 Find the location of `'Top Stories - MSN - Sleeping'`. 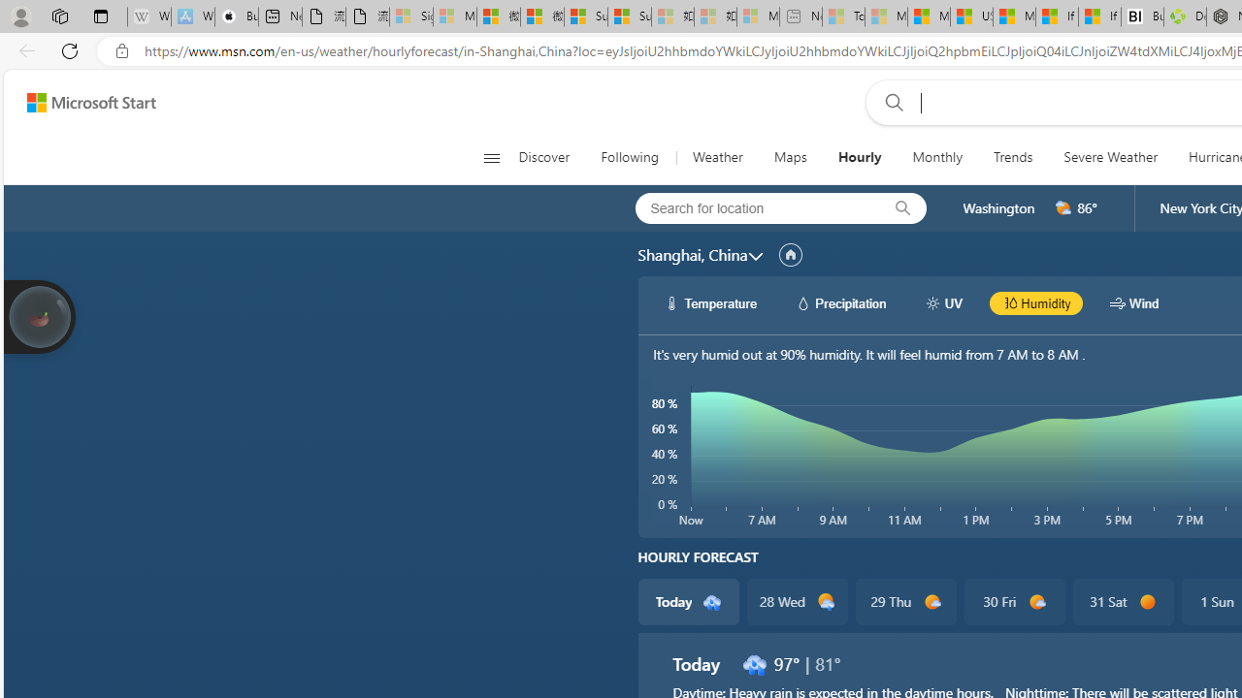

'Top Stories - MSN - Sleeping' is located at coordinates (843, 16).